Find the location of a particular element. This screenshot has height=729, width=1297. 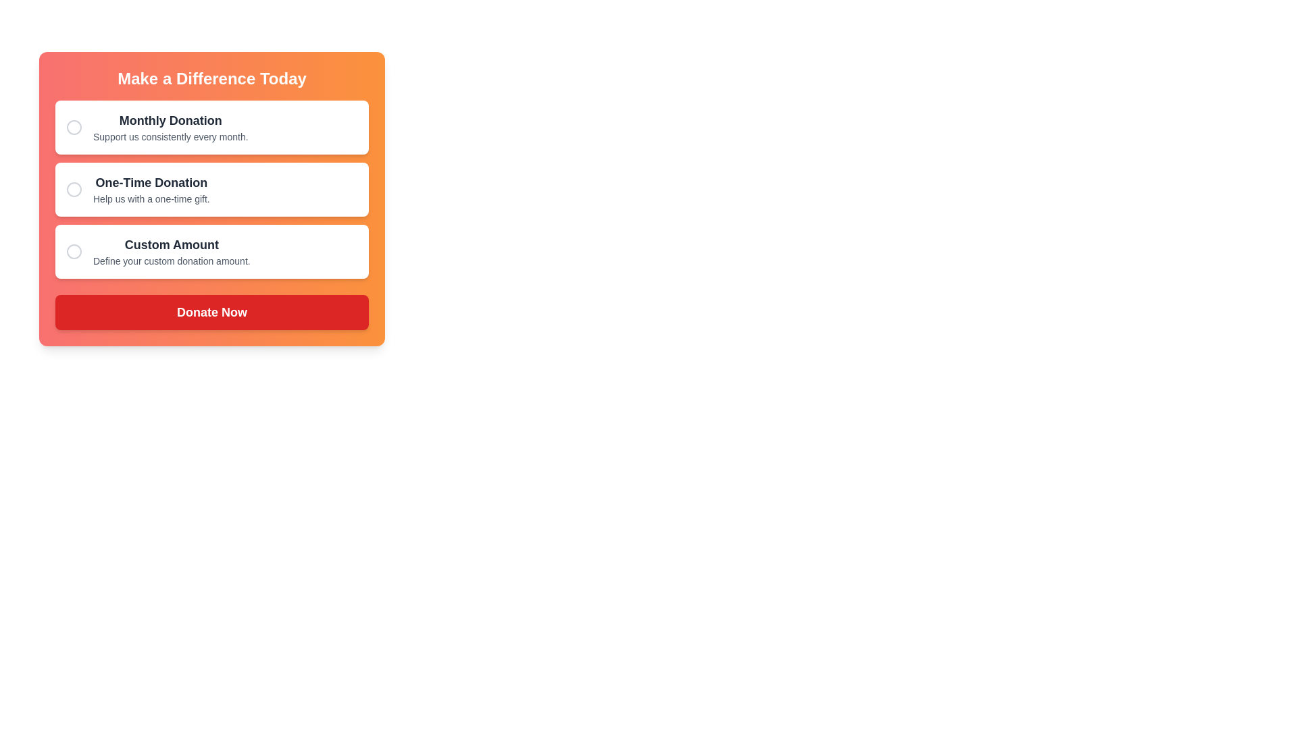

the unselected radio button for the 'Custom Amount' donation option located in the 'Make a Difference Today' card is located at coordinates (74, 252).